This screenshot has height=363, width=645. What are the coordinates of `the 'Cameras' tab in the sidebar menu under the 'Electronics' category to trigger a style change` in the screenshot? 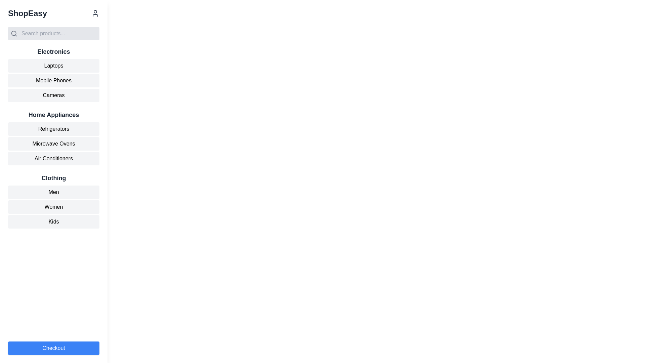 It's located at (53, 95).